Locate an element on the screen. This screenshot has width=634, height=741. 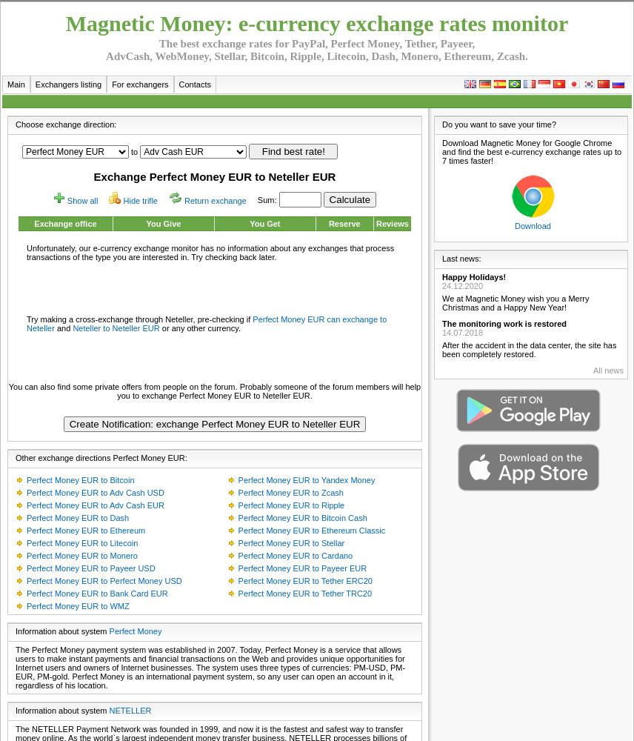
'Perfect Money EUR  to  Stellar' is located at coordinates (290, 542).